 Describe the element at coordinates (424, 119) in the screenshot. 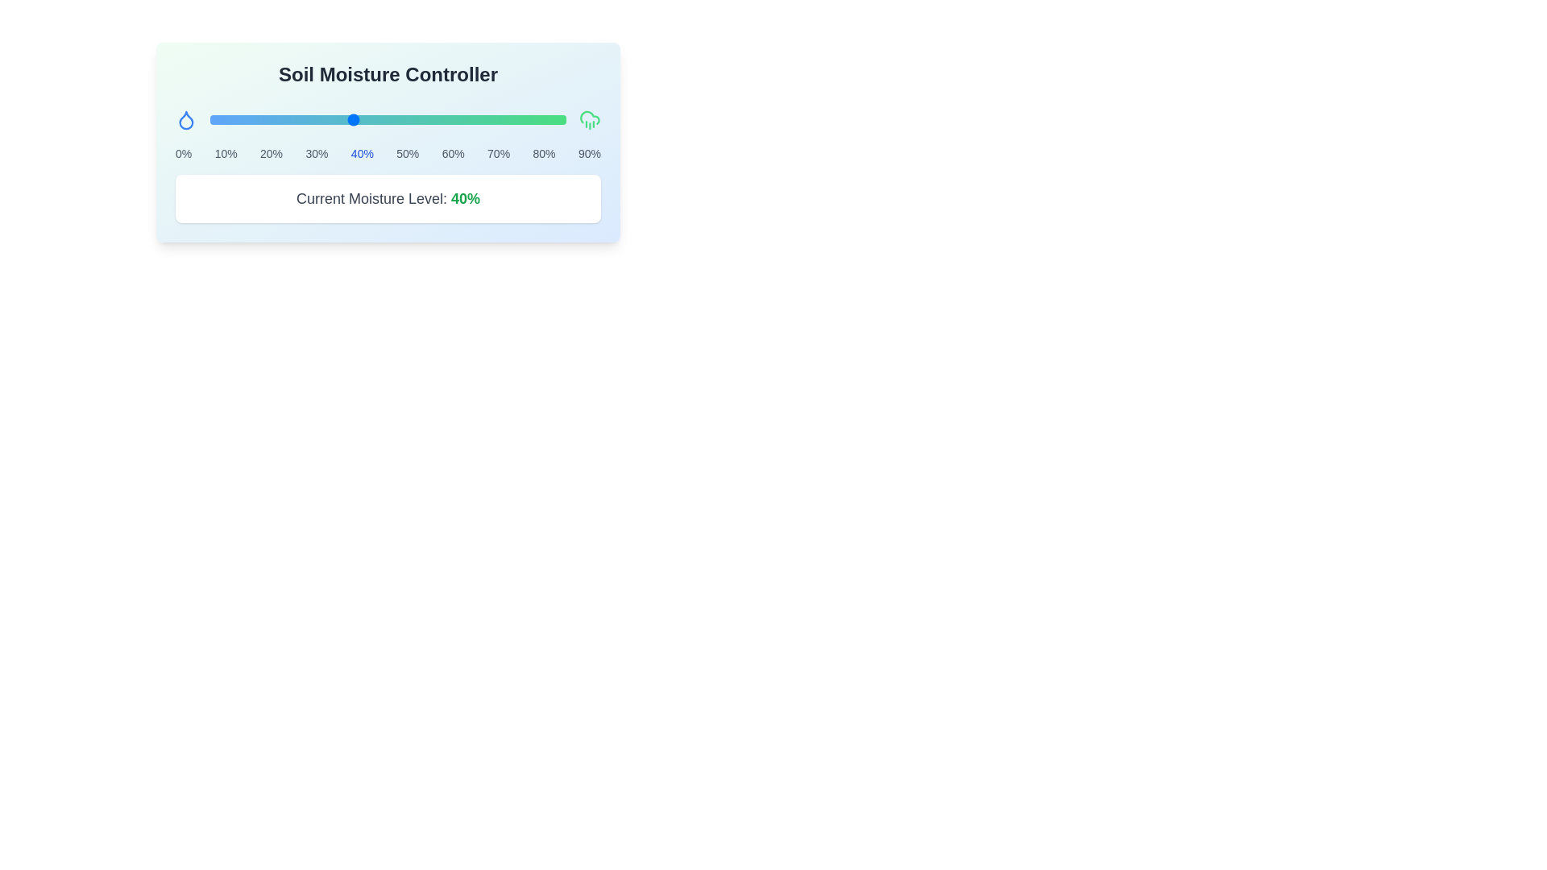

I see `the moisture level to 60% using the slider` at that location.